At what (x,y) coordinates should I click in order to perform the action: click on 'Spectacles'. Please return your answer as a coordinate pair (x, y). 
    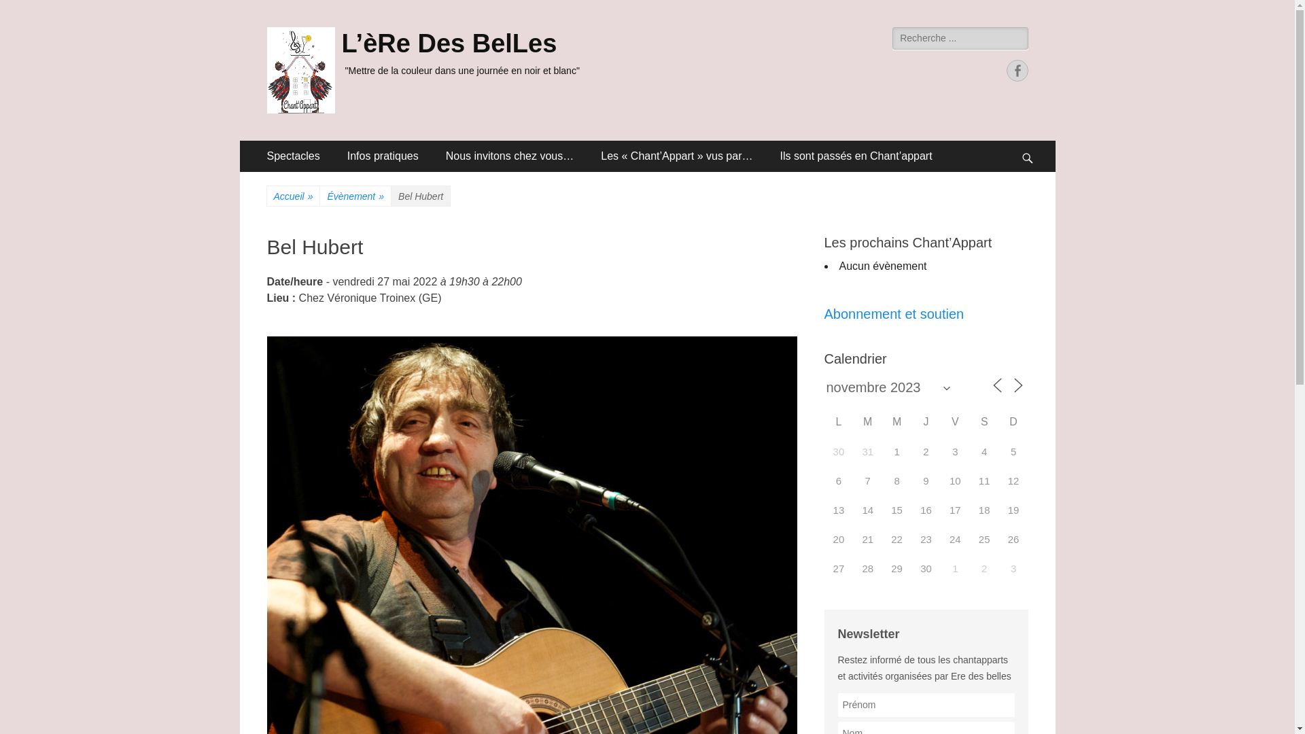
    Looking at the image, I should click on (292, 156).